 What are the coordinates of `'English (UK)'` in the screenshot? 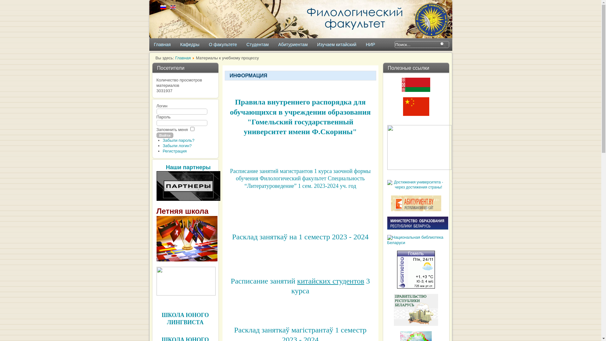 It's located at (173, 7).